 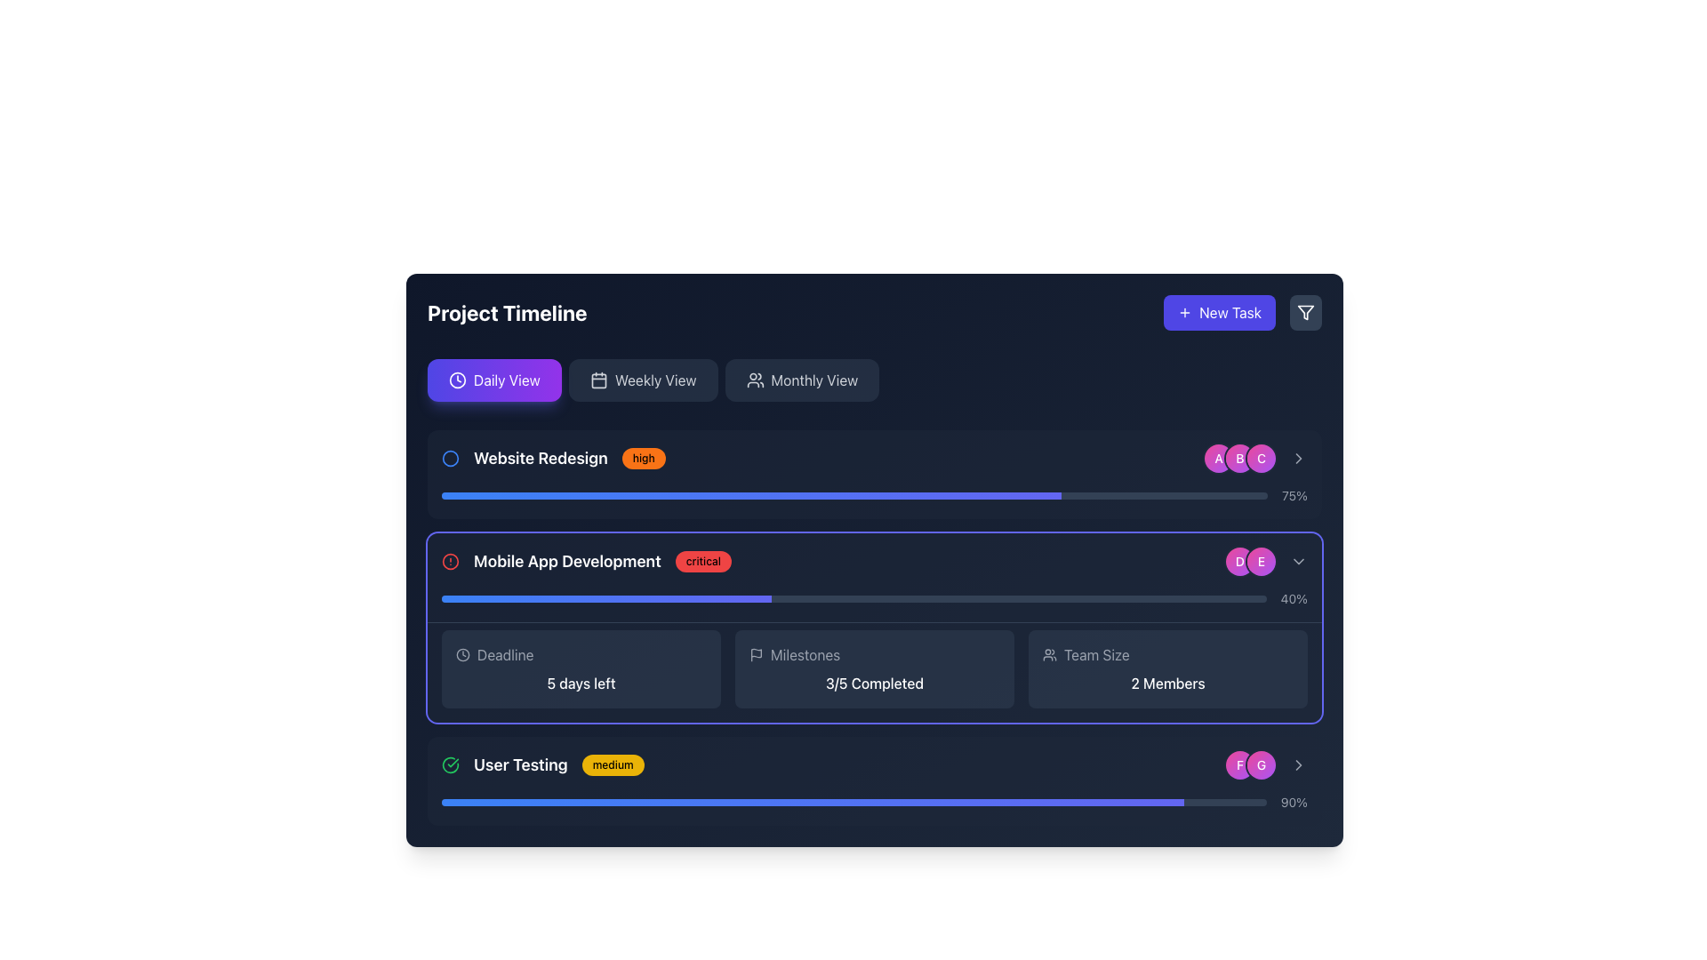 I want to click on progress, so click(x=912, y=496).